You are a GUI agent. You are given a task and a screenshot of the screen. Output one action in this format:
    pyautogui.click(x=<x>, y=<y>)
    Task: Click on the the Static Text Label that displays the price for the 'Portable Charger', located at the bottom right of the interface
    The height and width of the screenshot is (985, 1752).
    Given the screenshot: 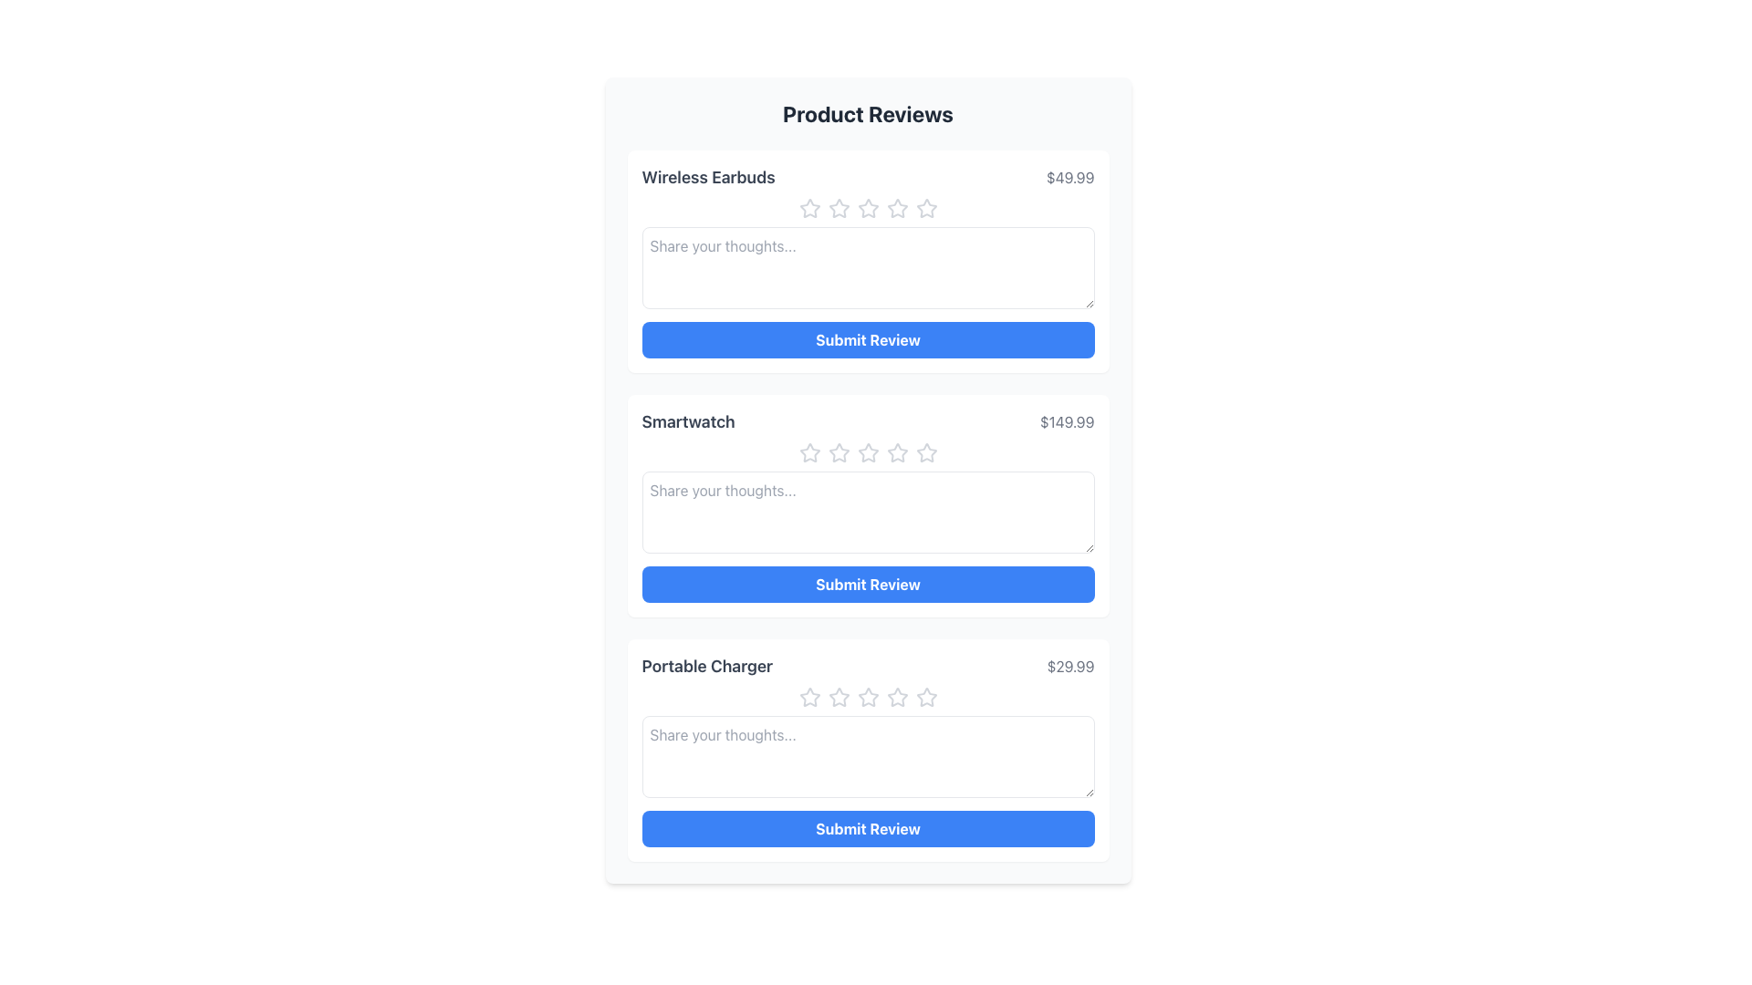 What is the action you would take?
    pyautogui.click(x=1070, y=667)
    